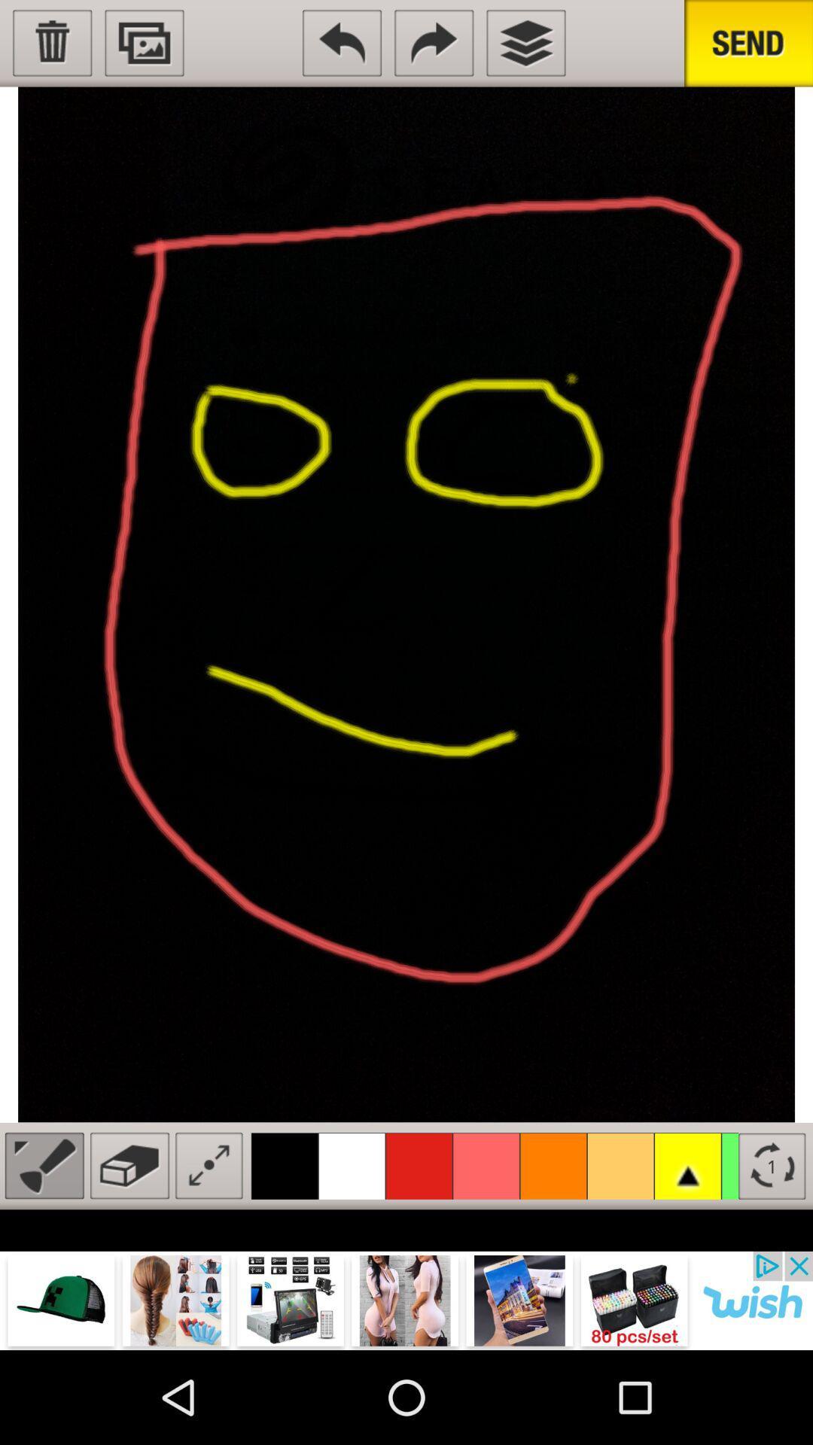  What do you see at coordinates (525, 43) in the screenshot?
I see `layers` at bounding box center [525, 43].